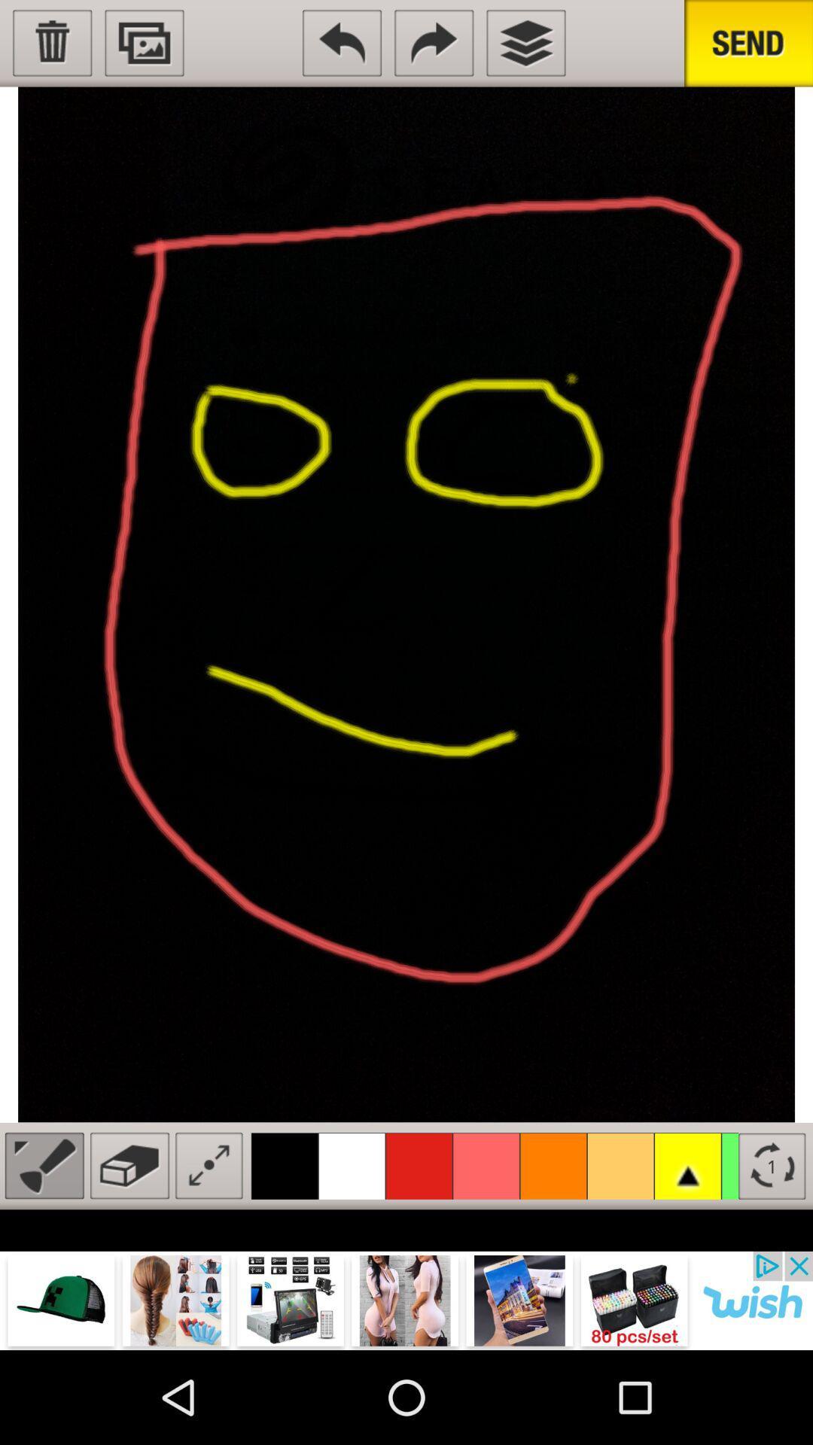  What do you see at coordinates (525, 43) in the screenshot?
I see `layers` at bounding box center [525, 43].